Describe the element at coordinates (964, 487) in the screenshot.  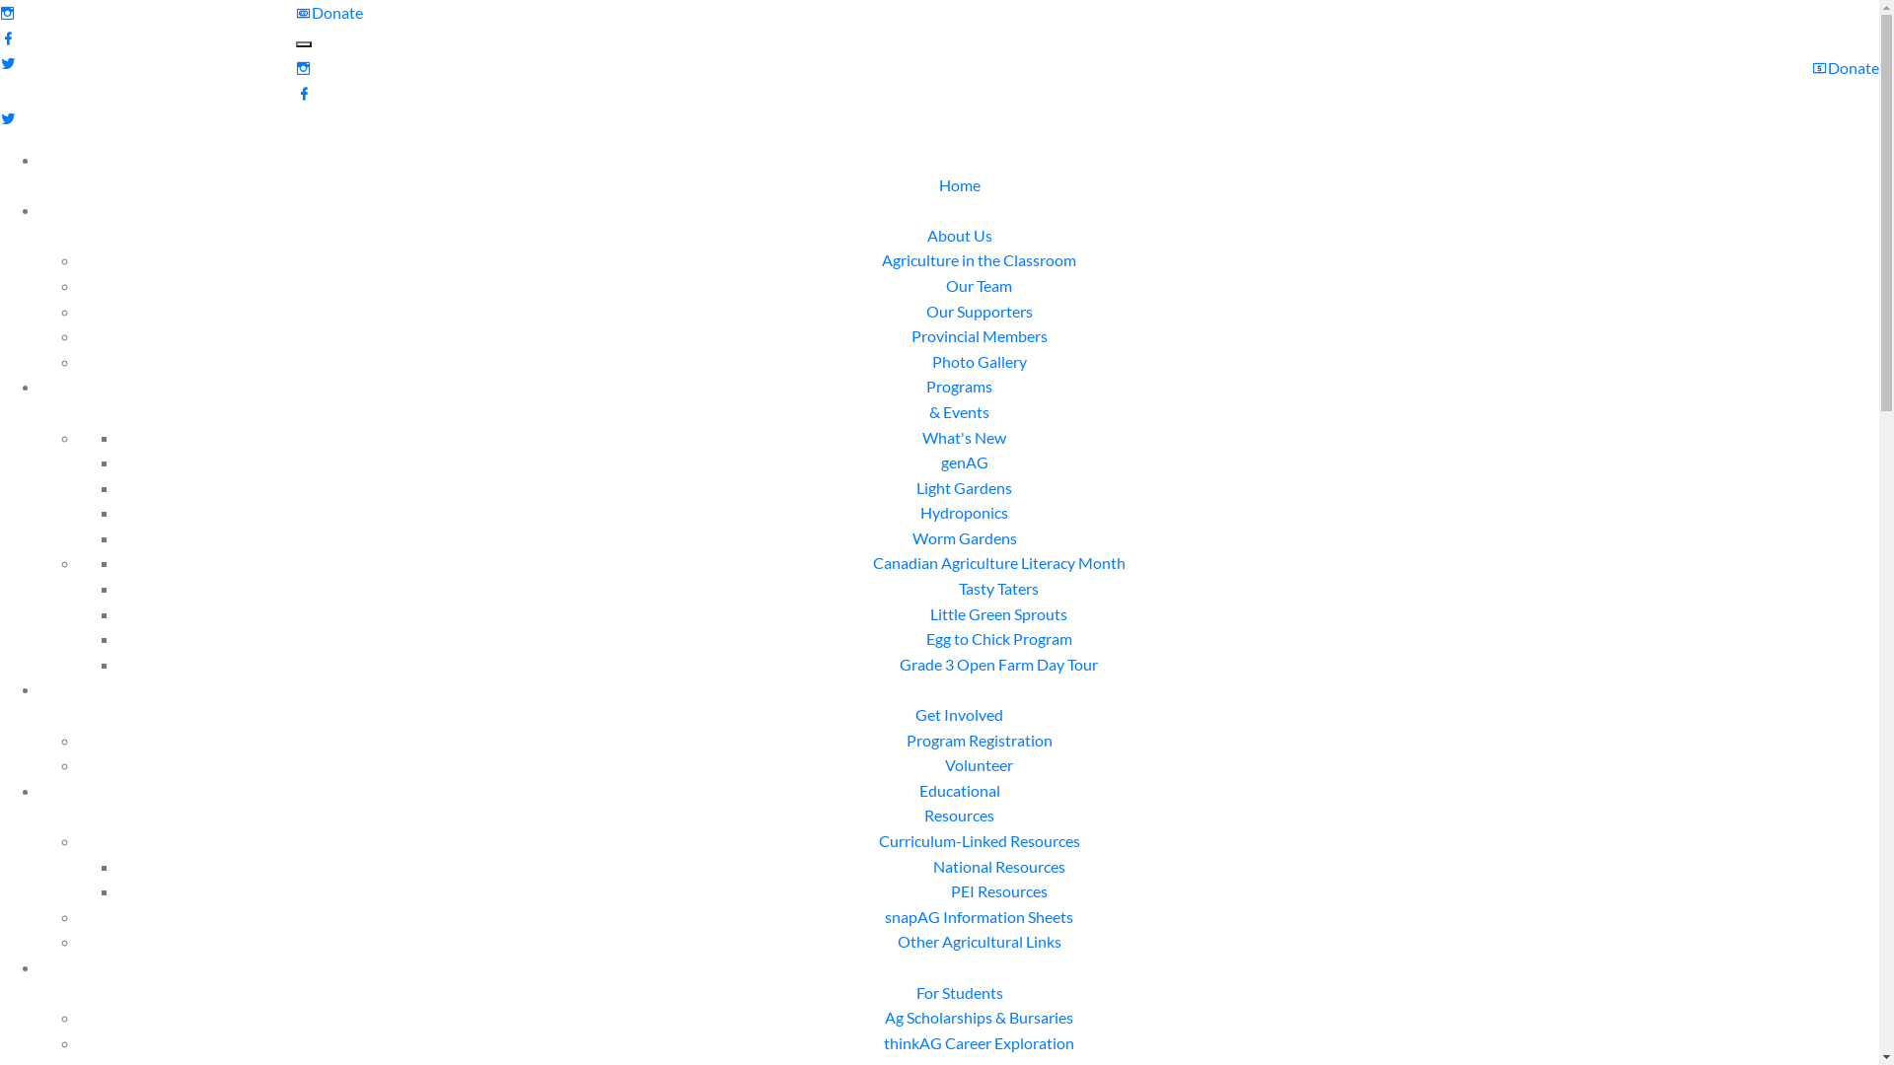
I see `'Light Gardens'` at that location.